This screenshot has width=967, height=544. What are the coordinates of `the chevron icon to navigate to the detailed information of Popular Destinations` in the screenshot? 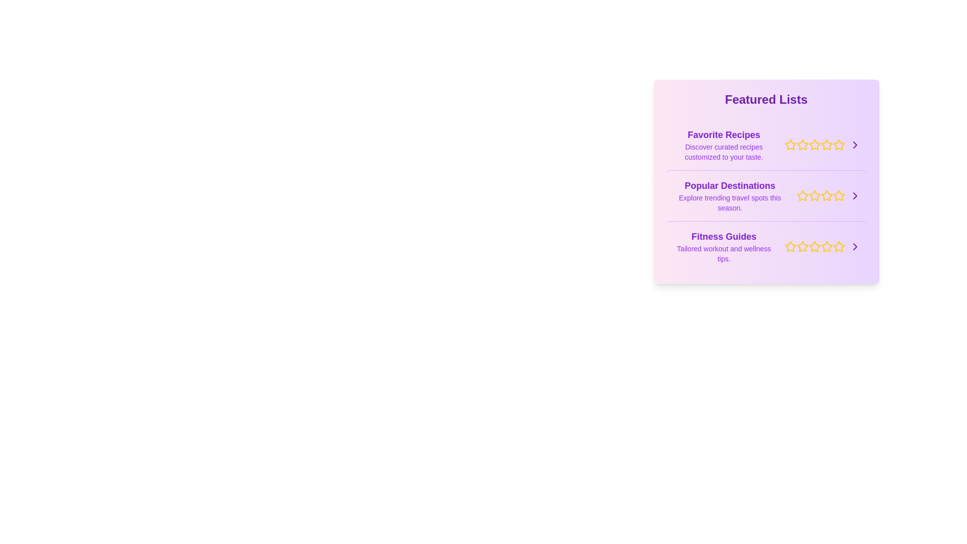 It's located at (854, 196).